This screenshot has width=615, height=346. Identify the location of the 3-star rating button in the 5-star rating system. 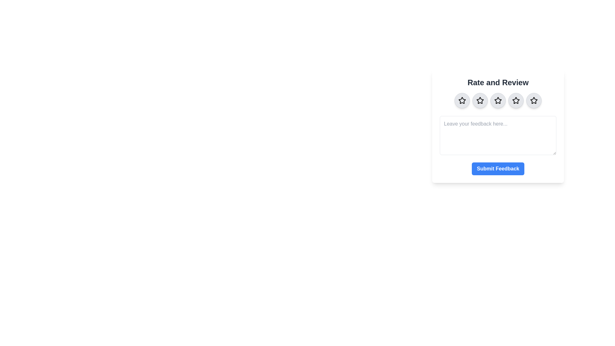
(498, 100).